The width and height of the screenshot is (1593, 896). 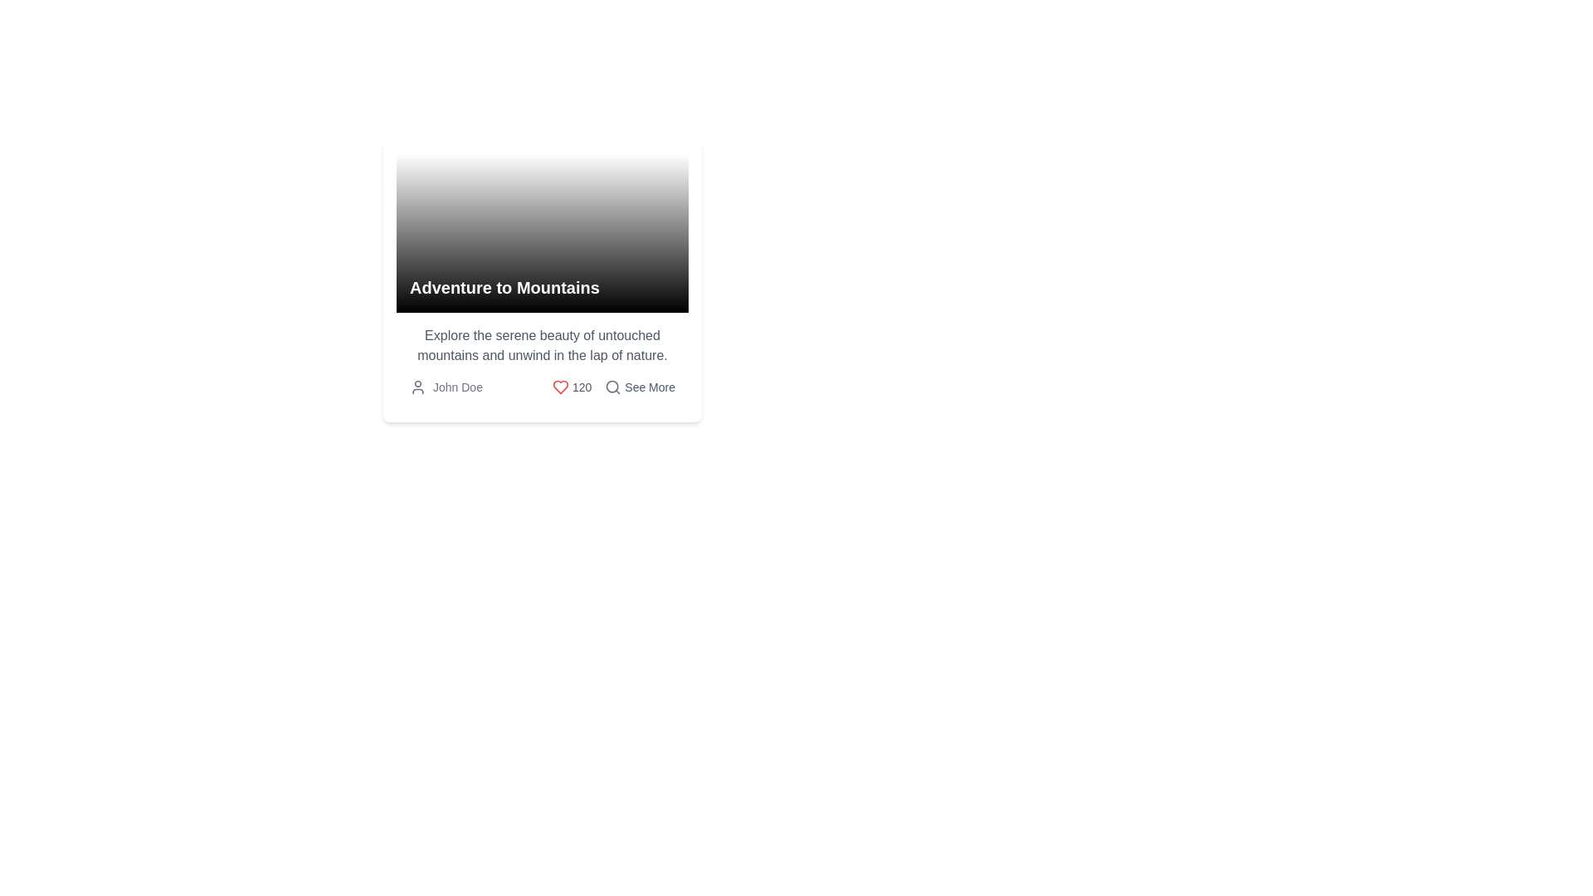 What do you see at coordinates (611, 387) in the screenshot?
I see `the circular portion of the magnifying glass icon, which is styled in grayscale and positioned at the upper right section of the application interface` at bounding box center [611, 387].